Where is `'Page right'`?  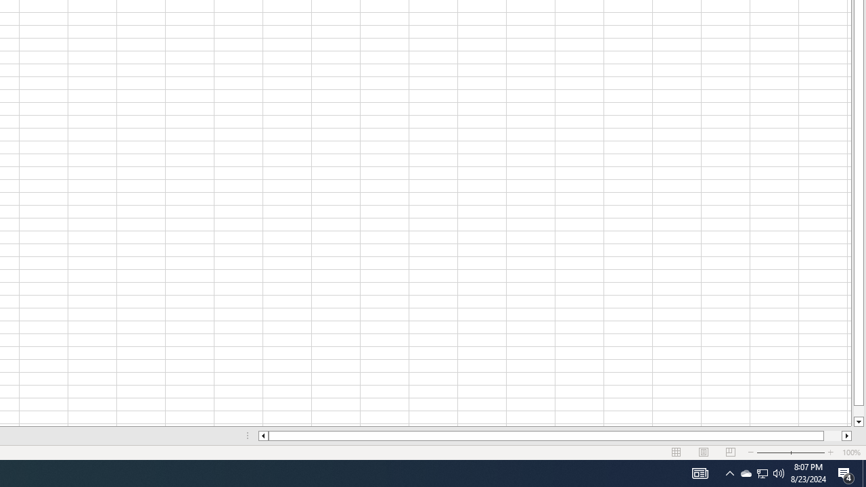 'Page right' is located at coordinates (832, 436).